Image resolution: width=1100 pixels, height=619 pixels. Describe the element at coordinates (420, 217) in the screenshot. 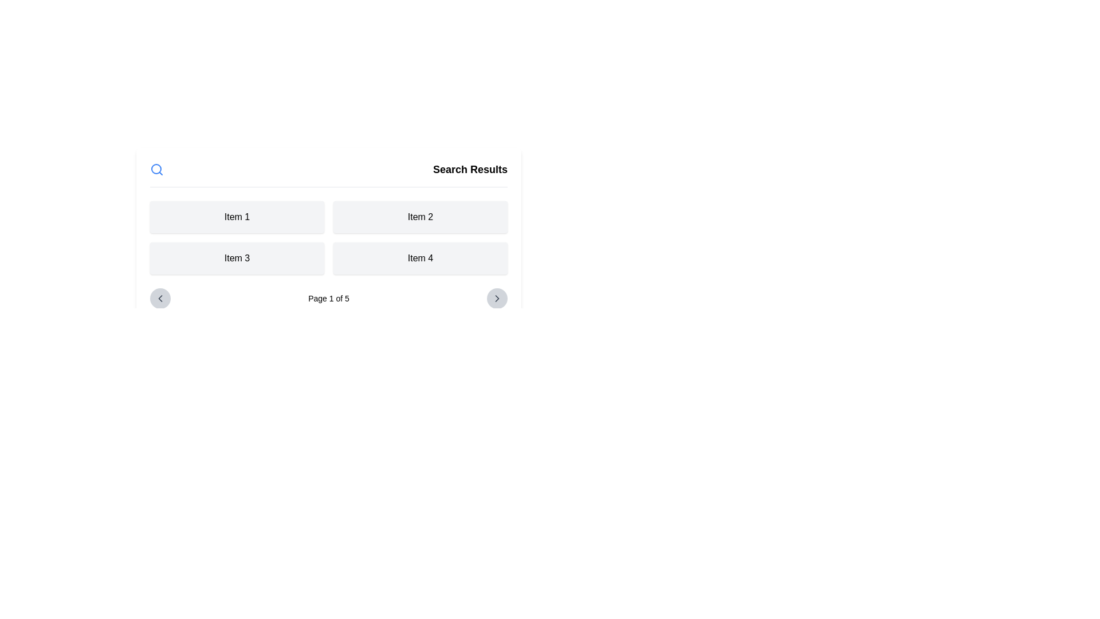

I see `the informational card displaying the text 'Item 2', located in the upper-right quadrant of the grid layout` at that location.